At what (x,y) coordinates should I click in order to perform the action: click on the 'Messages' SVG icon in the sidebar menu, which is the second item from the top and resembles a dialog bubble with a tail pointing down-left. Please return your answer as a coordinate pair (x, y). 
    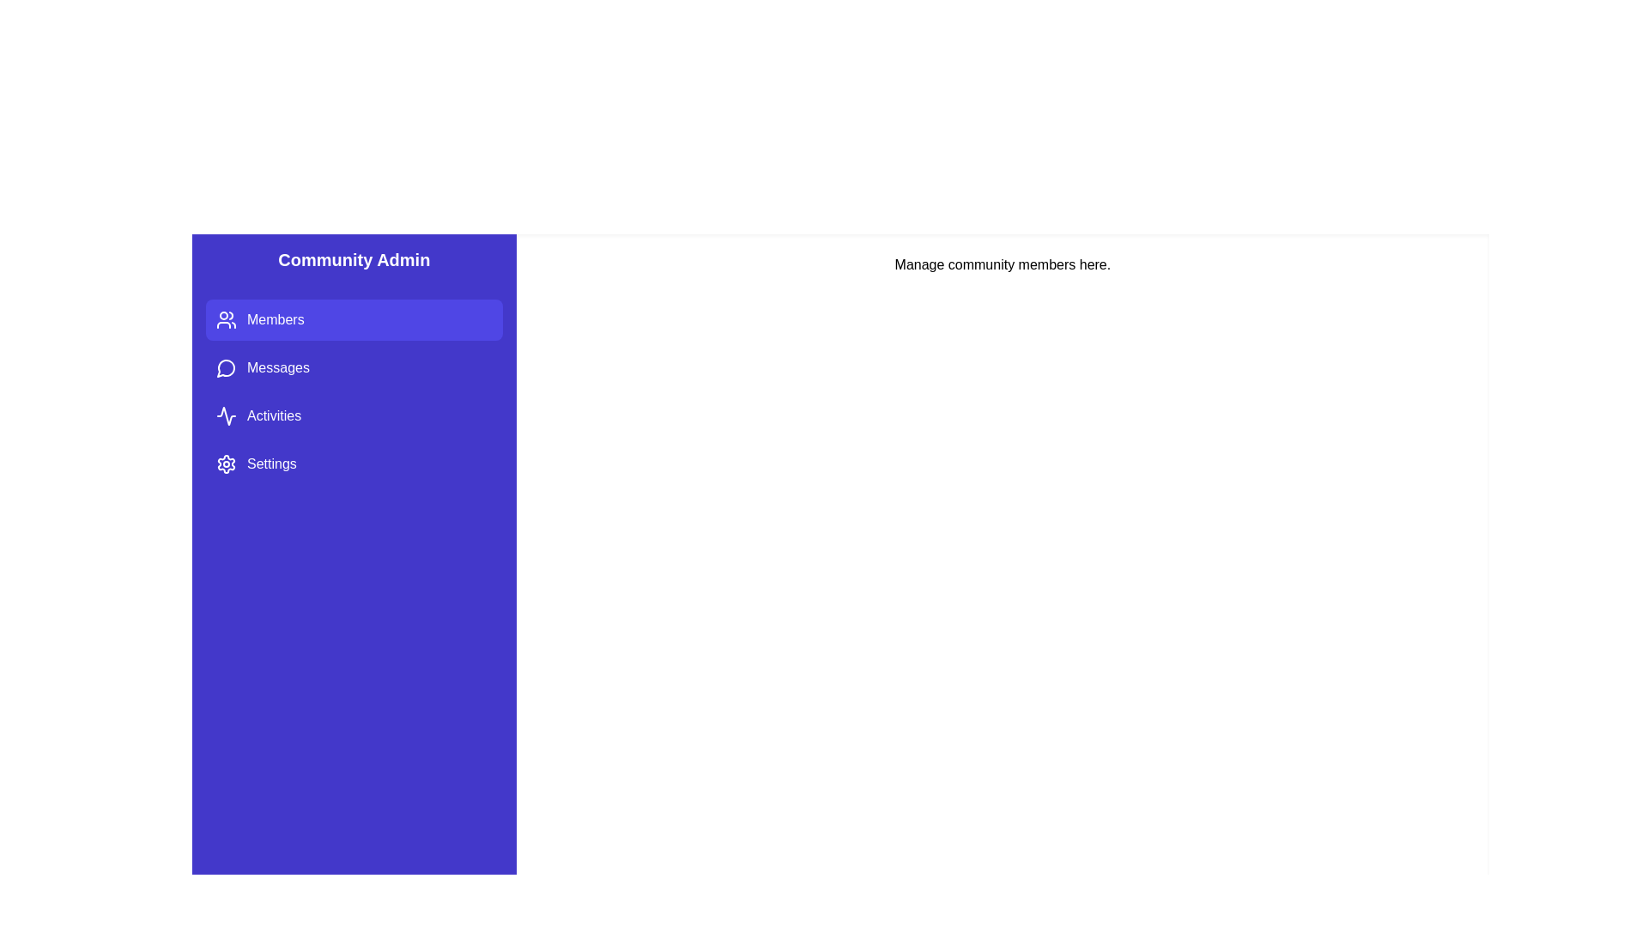
    Looking at the image, I should click on (225, 367).